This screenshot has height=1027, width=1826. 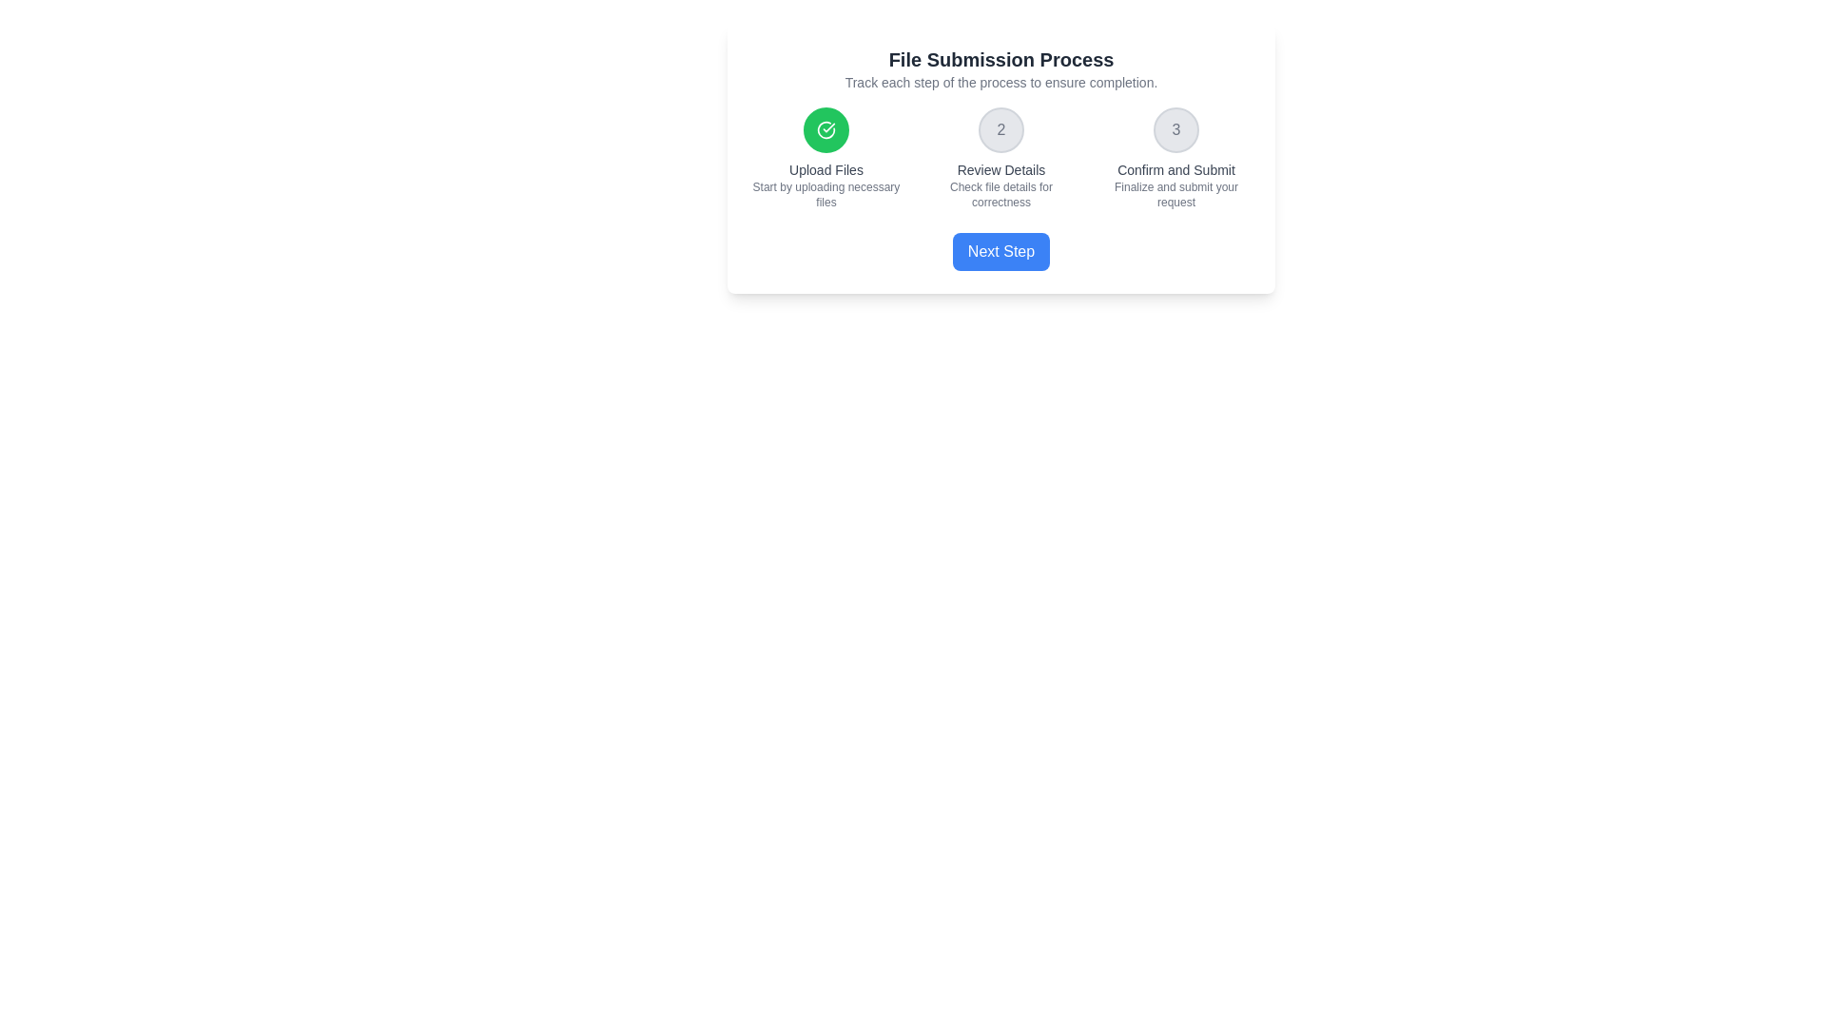 I want to click on the 'Upload Files' text label, which is displayed in a small, bold font with medium gray color, located centrally below a checkmark icon and above a smaller text that reads 'Start by uploading necessary files', so click(x=826, y=168).